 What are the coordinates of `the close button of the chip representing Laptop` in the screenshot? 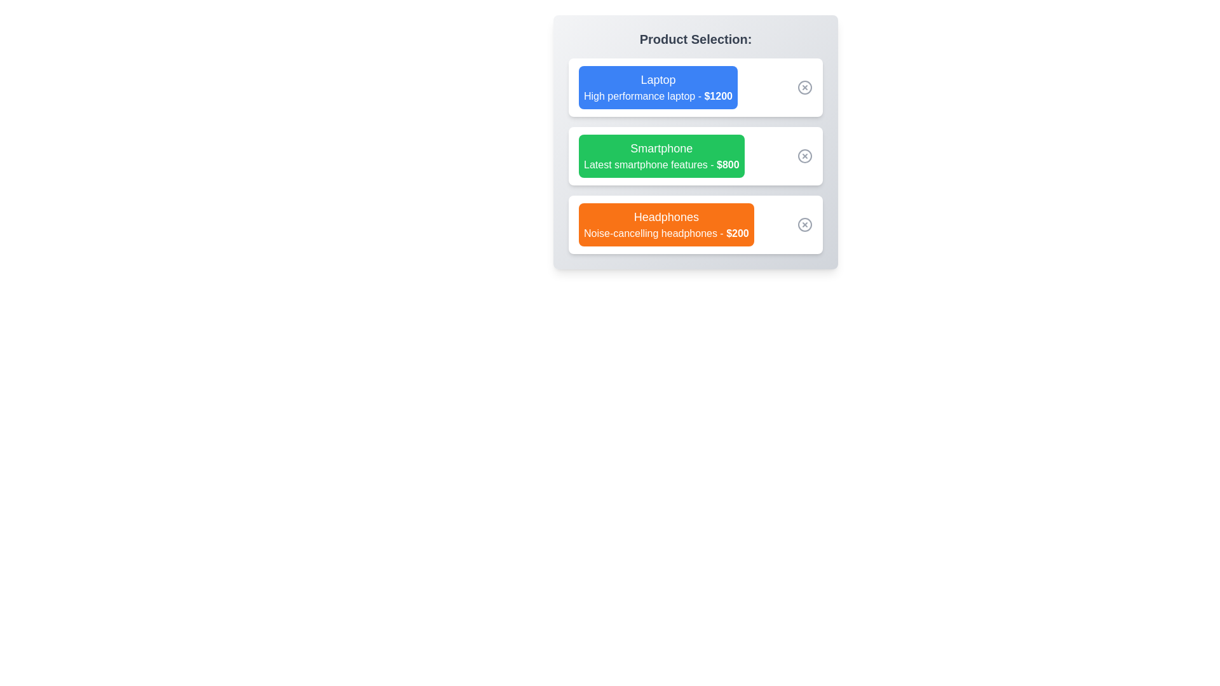 It's located at (804, 87).